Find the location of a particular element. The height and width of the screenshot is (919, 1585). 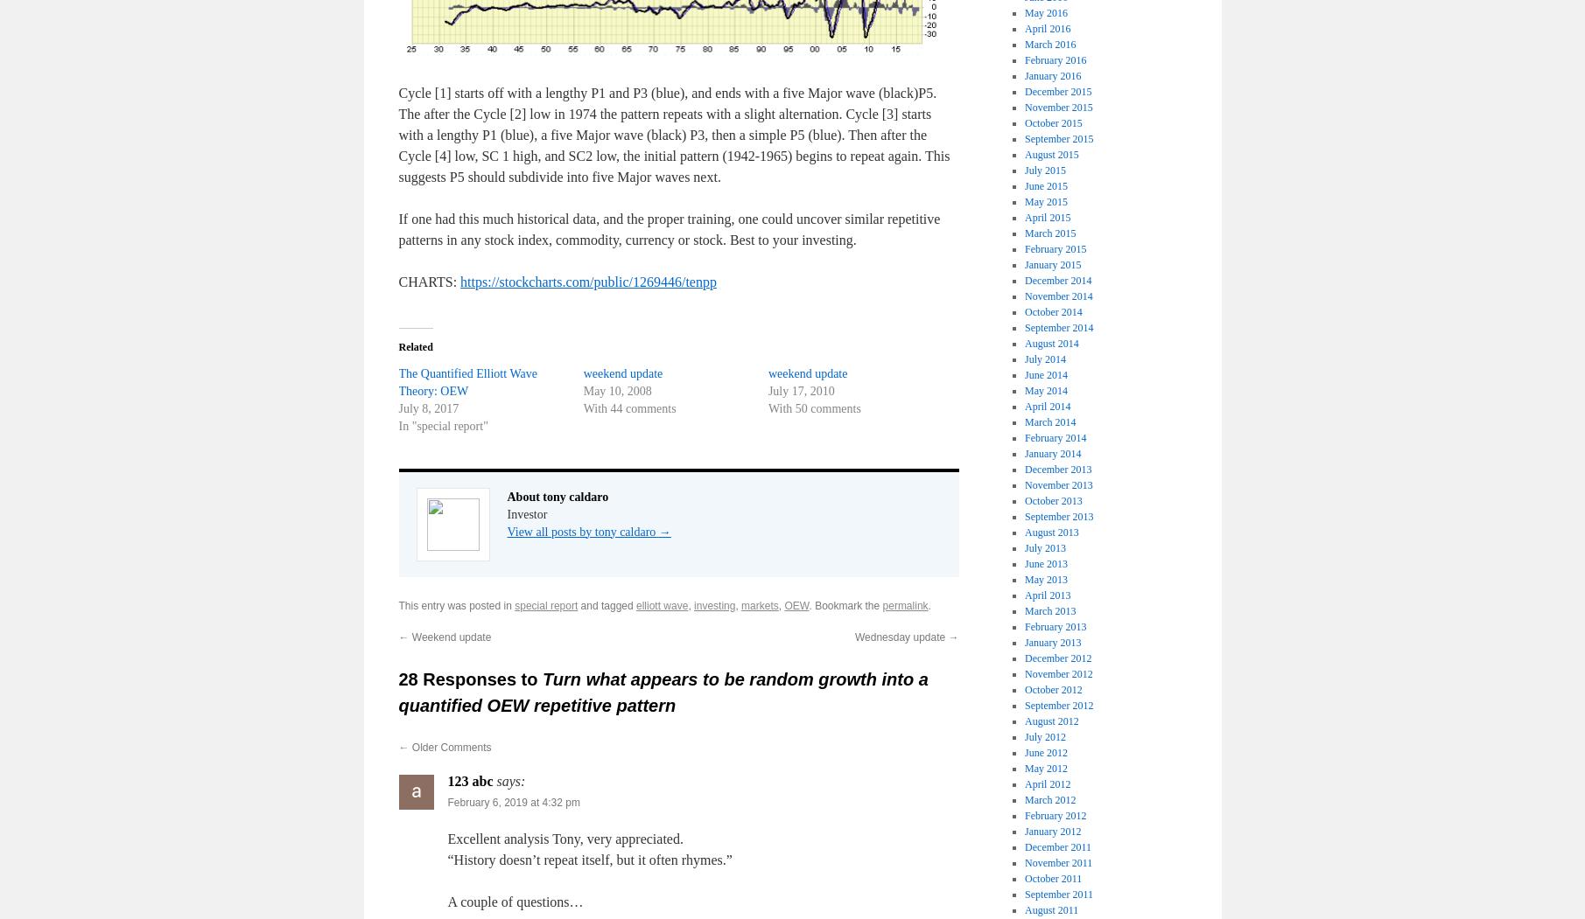

'September 2015' is located at coordinates (1058, 136).